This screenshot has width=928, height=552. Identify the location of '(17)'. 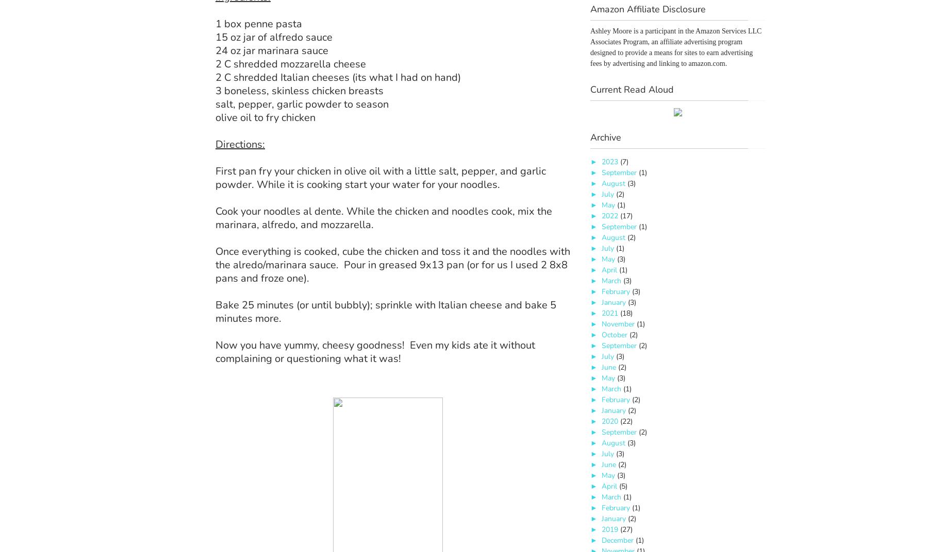
(625, 215).